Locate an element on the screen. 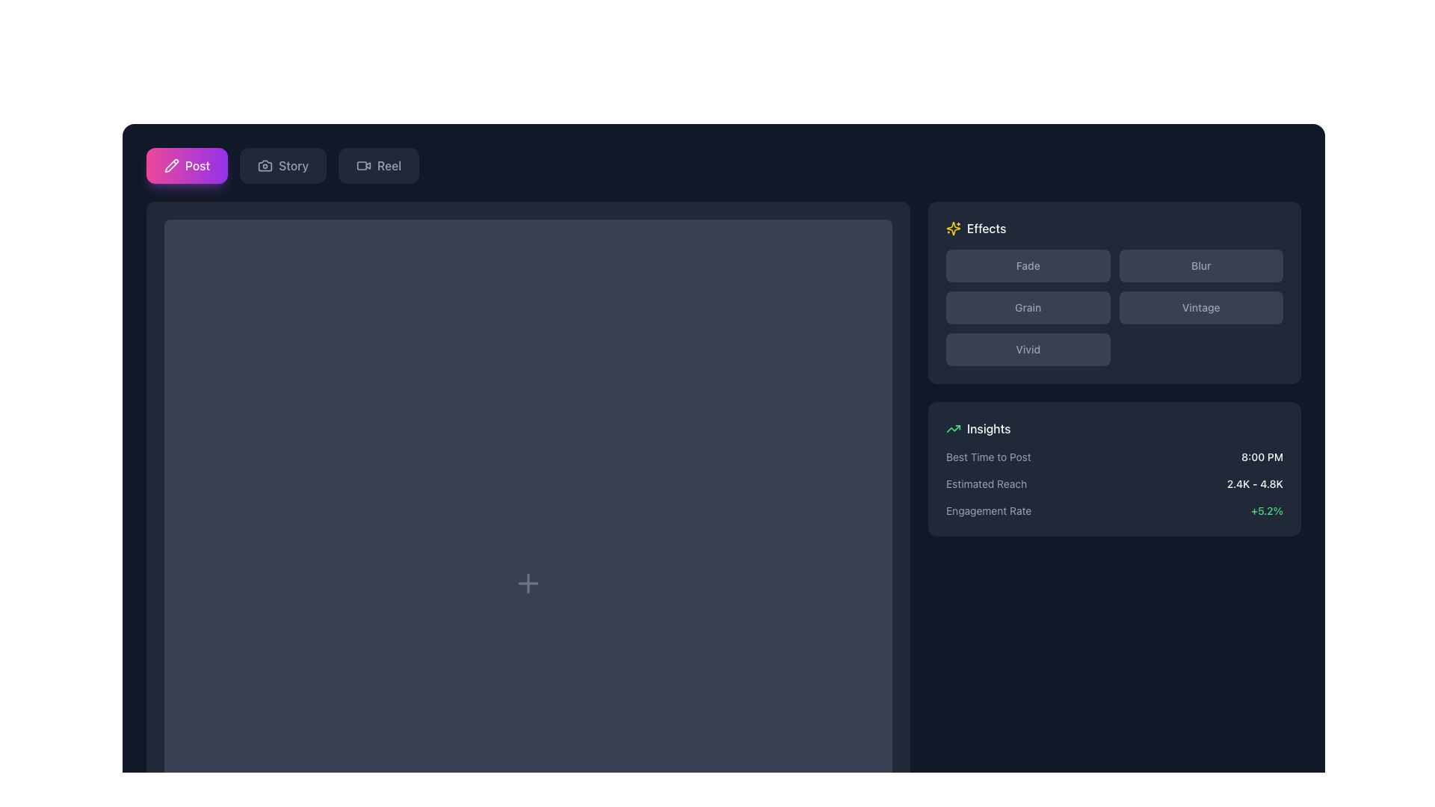 This screenshot has height=807, width=1435. the circular icon with a plus symbol ('+') is located at coordinates (528, 582).